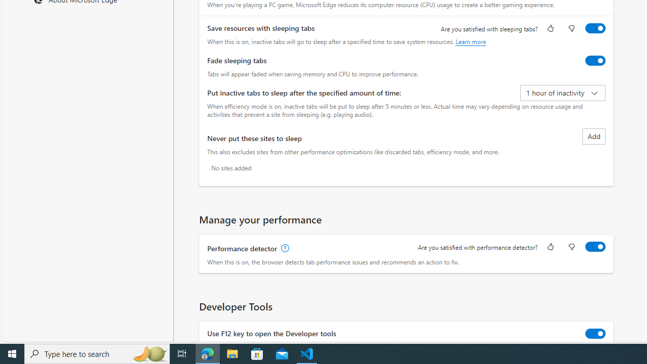 Image resolution: width=647 pixels, height=364 pixels. Describe the element at coordinates (284, 249) in the screenshot. I see `'Performance detector, learn more'` at that location.